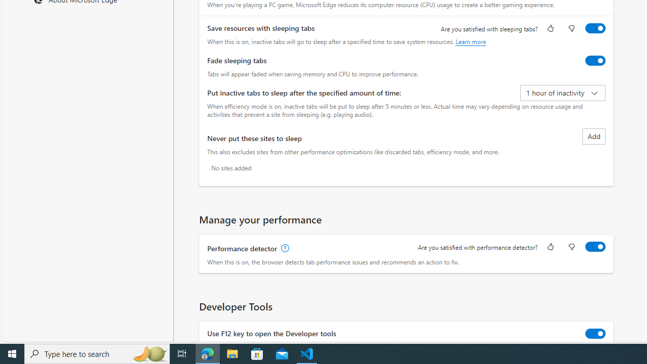 Image resolution: width=647 pixels, height=364 pixels. Describe the element at coordinates (284, 249) in the screenshot. I see `'Performance detector, learn more'` at that location.